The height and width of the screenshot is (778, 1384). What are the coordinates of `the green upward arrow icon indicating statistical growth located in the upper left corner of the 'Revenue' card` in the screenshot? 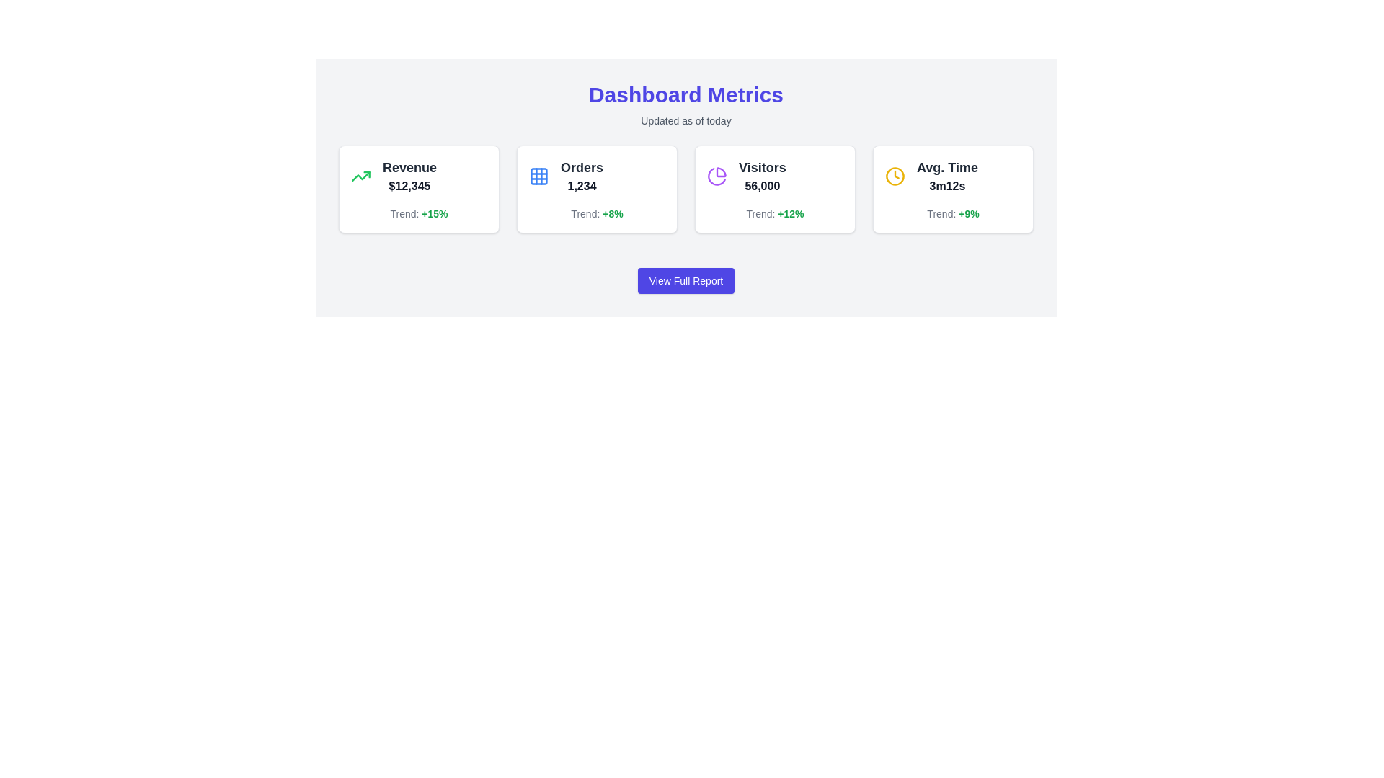 It's located at (360, 176).